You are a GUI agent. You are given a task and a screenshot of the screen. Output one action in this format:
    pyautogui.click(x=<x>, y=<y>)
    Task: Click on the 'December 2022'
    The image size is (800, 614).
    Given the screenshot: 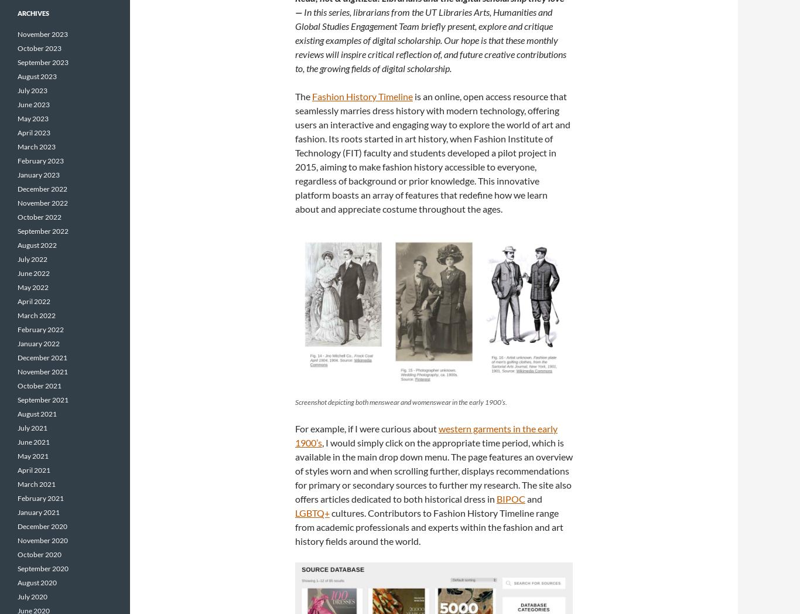 What is the action you would take?
    pyautogui.click(x=18, y=189)
    